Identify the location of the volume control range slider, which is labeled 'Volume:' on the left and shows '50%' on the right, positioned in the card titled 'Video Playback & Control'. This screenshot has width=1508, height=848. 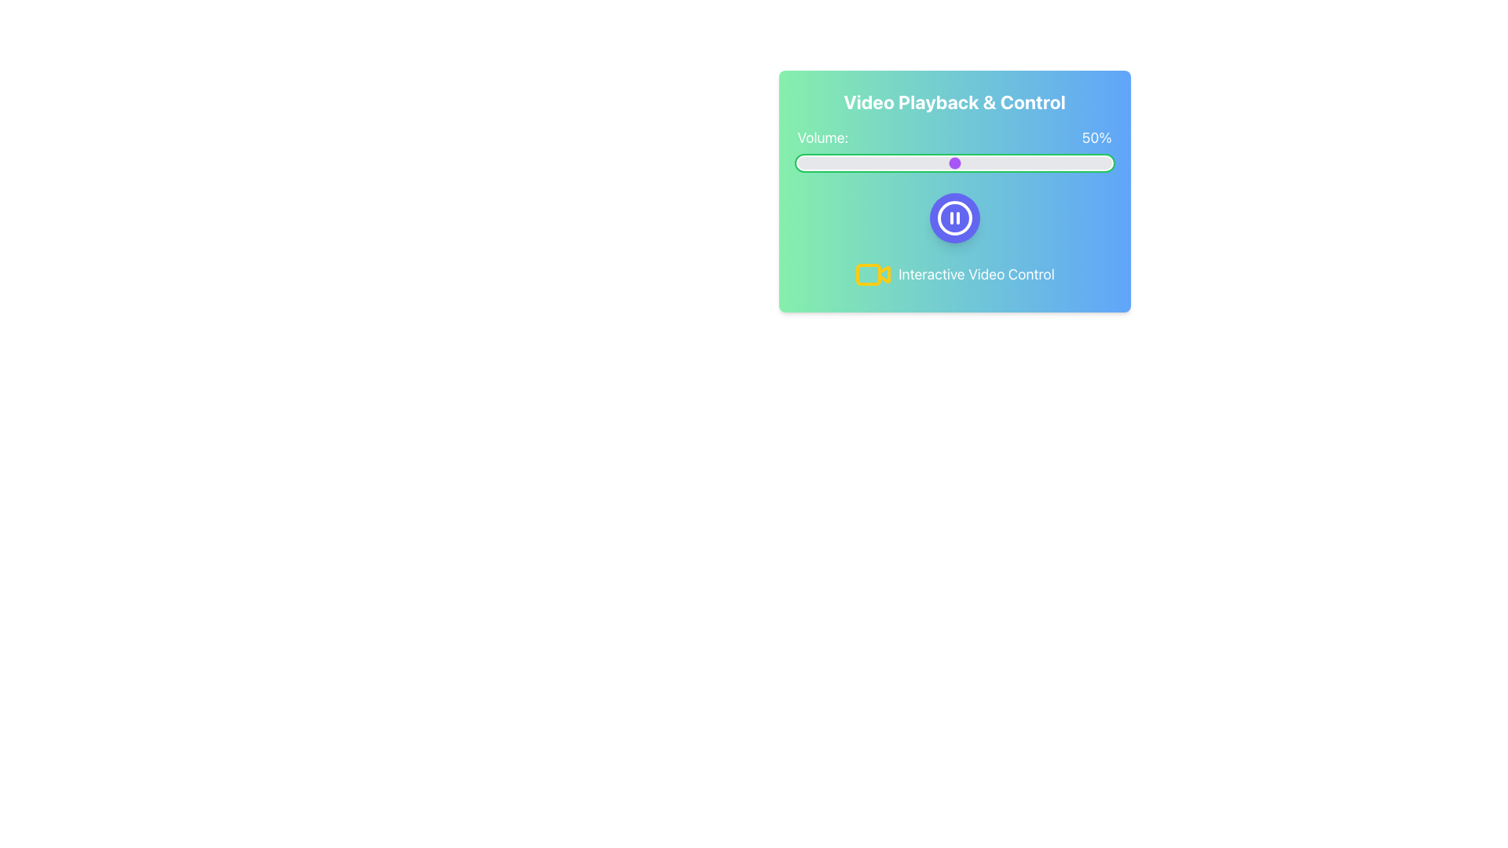
(953, 151).